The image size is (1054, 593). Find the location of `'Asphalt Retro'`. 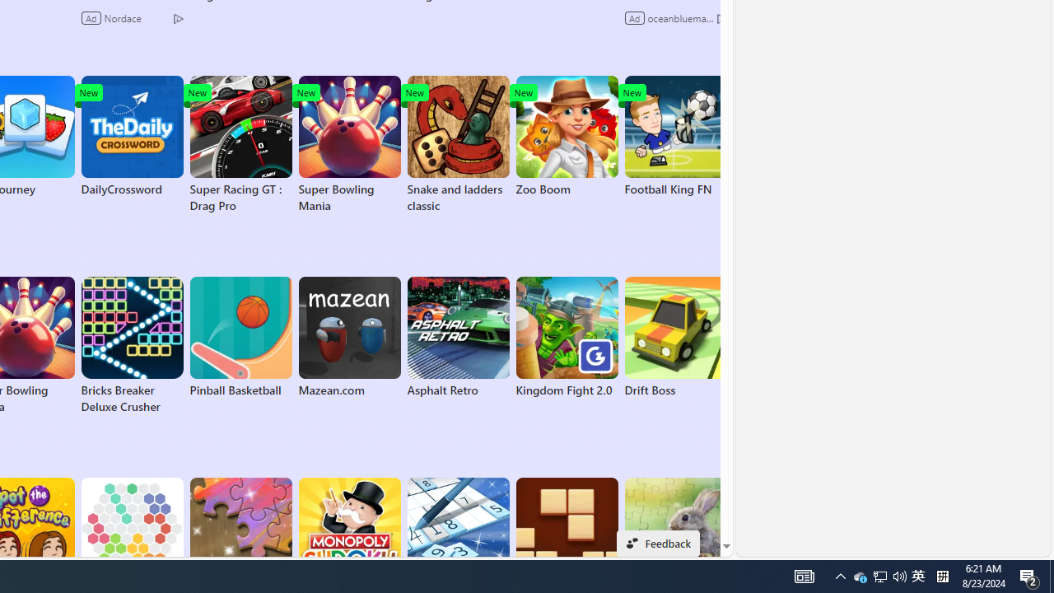

'Asphalt Retro' is located at coordinates (458, 337).